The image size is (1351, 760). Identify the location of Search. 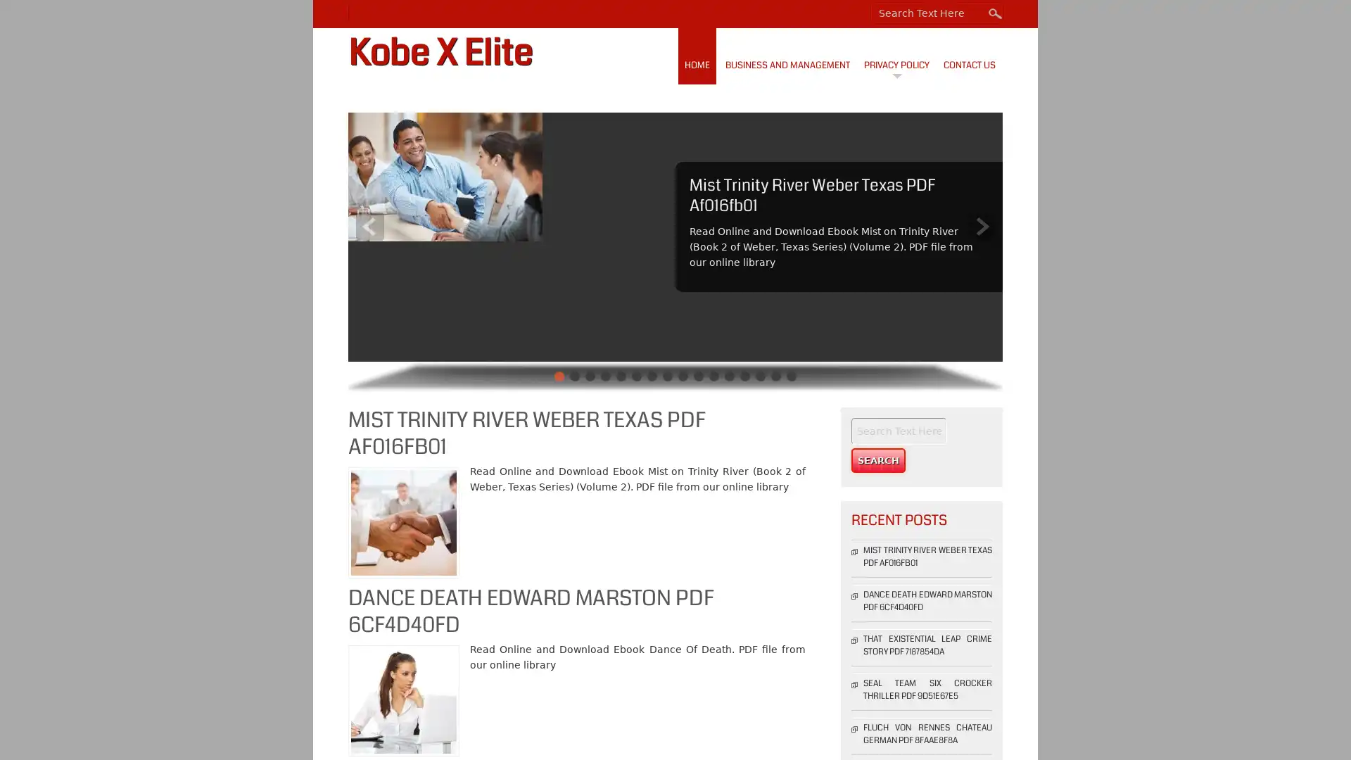
(877, 460).